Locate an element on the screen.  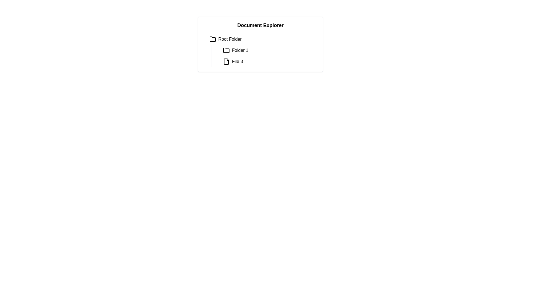
on the list item representing the folder named 'Folder 1' is located at coordinates (269, 50).